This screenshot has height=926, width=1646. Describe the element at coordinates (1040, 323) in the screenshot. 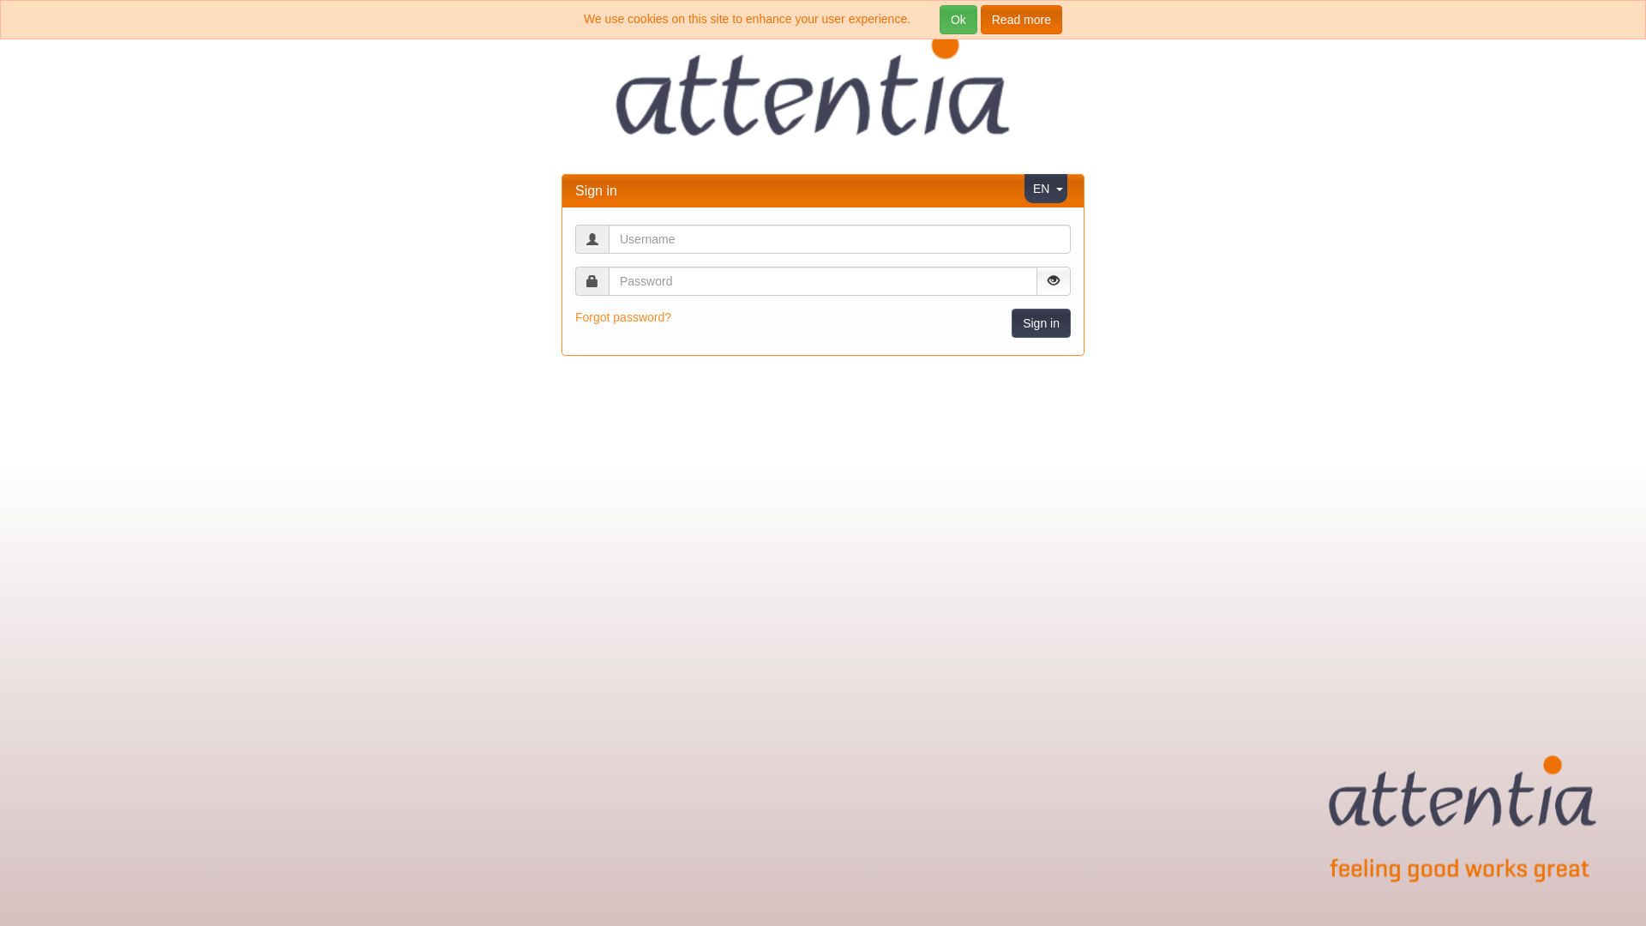

I see `'Sign in'` at that location.